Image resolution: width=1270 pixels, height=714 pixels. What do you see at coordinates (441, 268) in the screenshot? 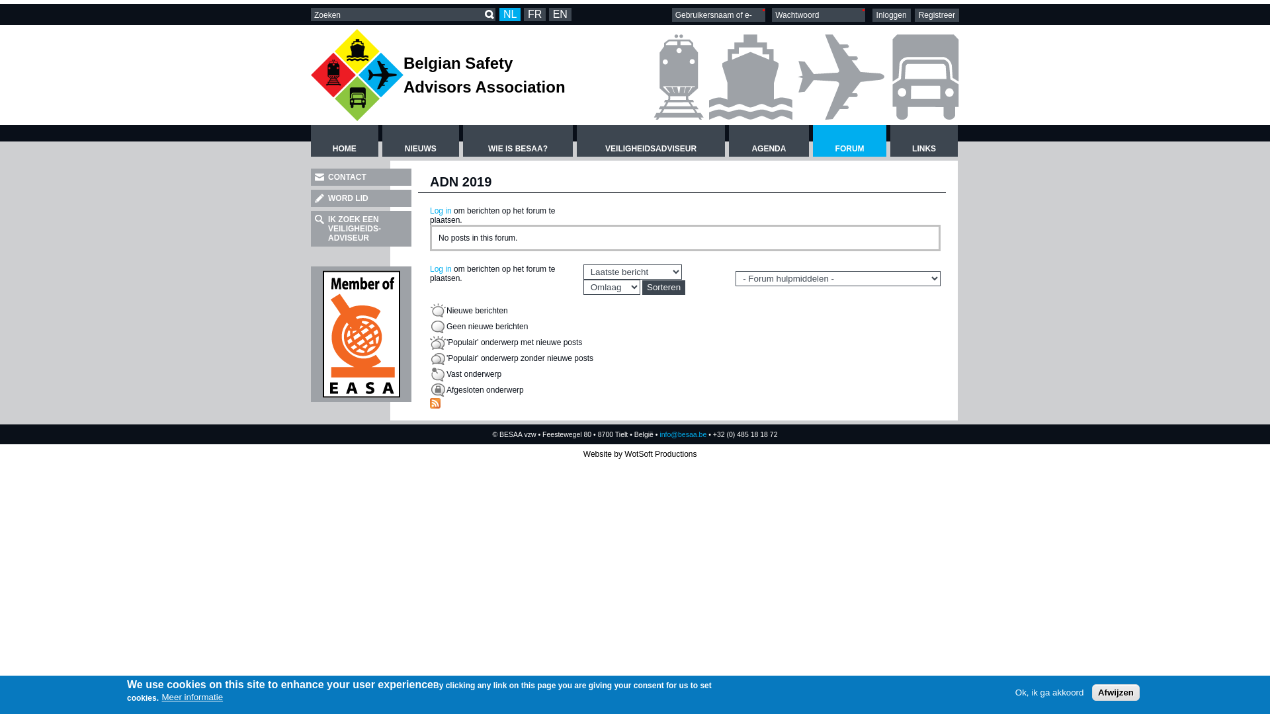
I see `'Log in'` at bounding box center [441, 268].